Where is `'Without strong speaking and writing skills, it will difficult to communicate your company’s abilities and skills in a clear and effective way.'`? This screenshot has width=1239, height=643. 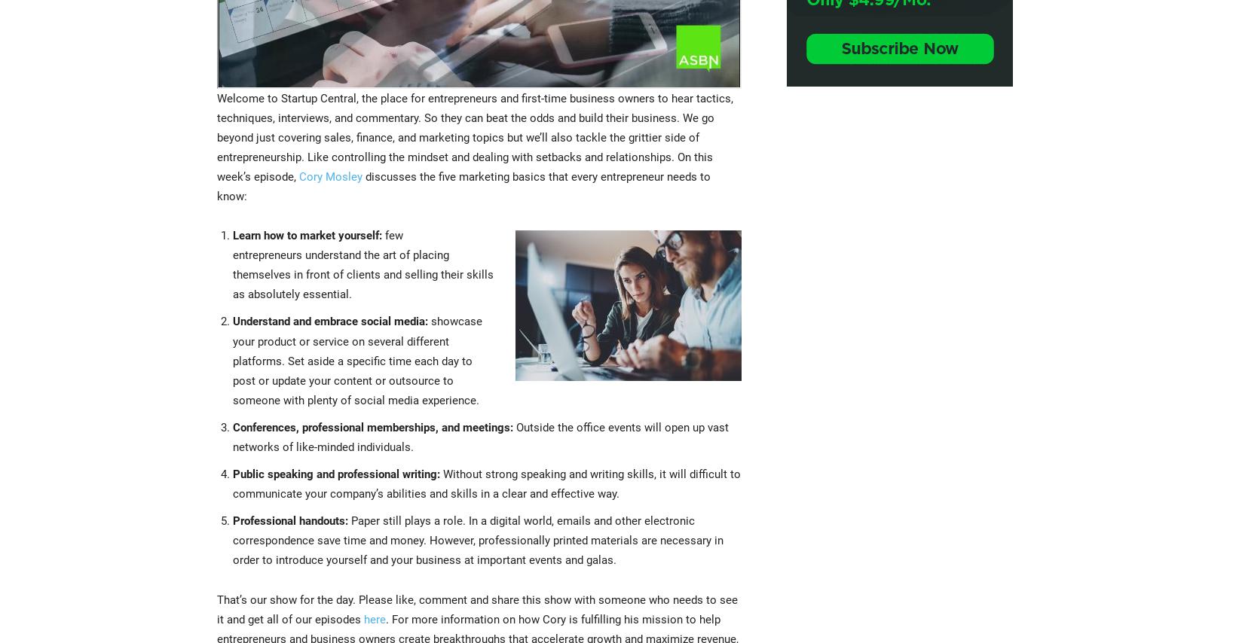 'Without strong speaking and writing skills, it will difficult to communicate your company’s abilities and skills in a clear and effective way.' is located at coordinates (486, 483).